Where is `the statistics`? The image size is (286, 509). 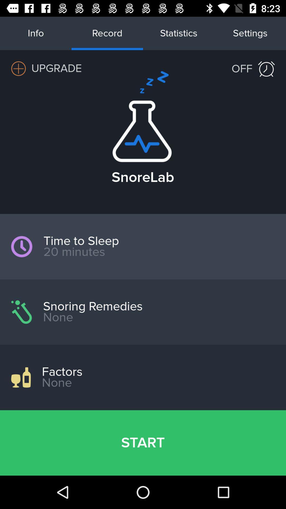
the statistics is located at coordinates (179, 33).